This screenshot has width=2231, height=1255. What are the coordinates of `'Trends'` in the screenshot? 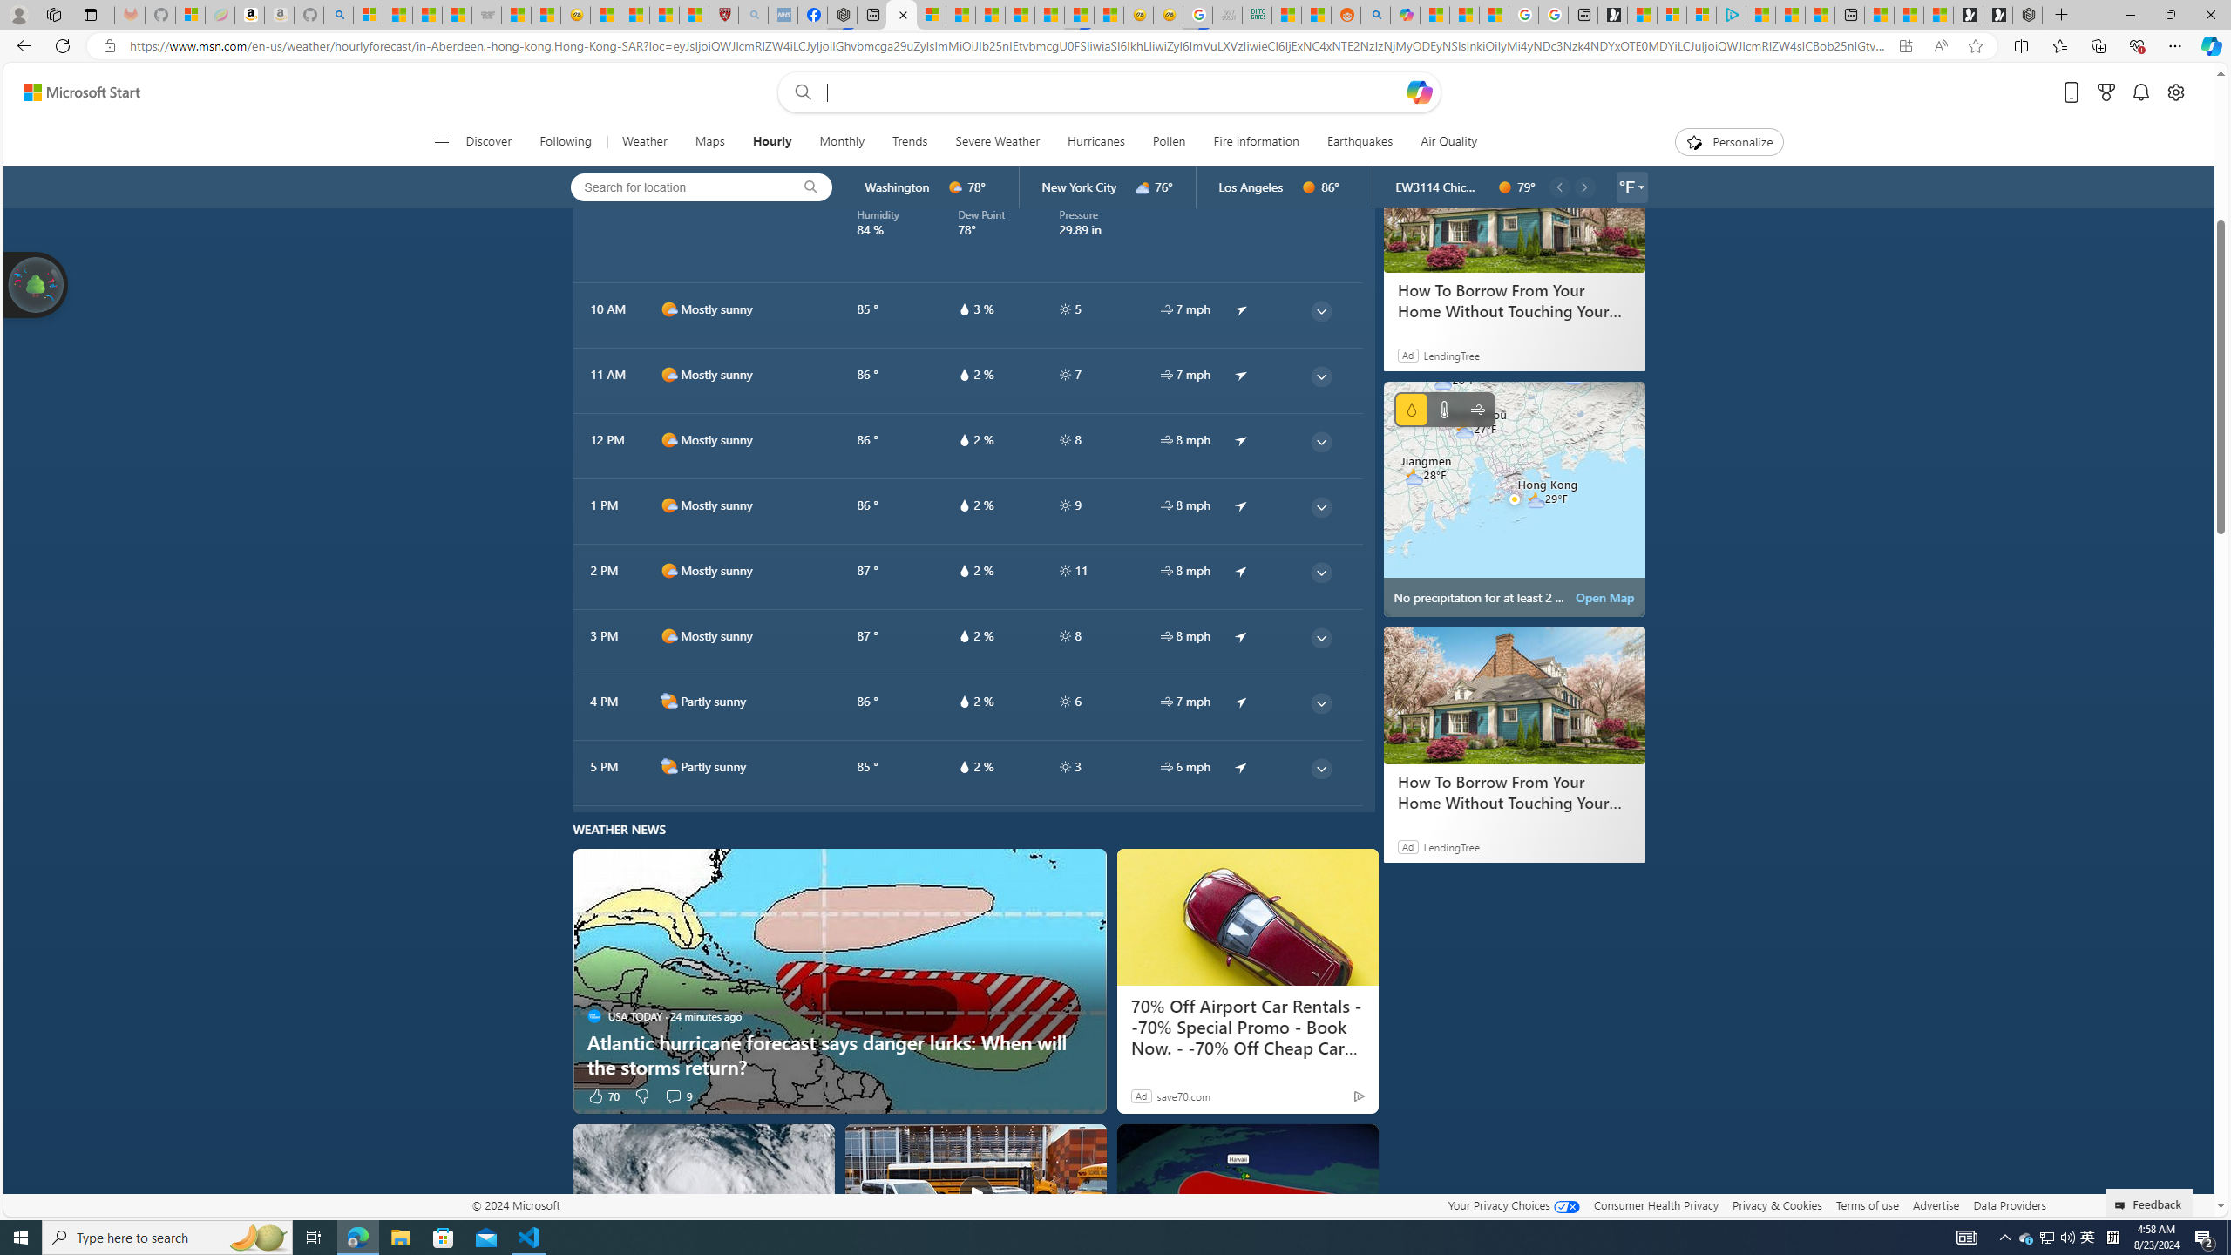 It's located at (909, 141).